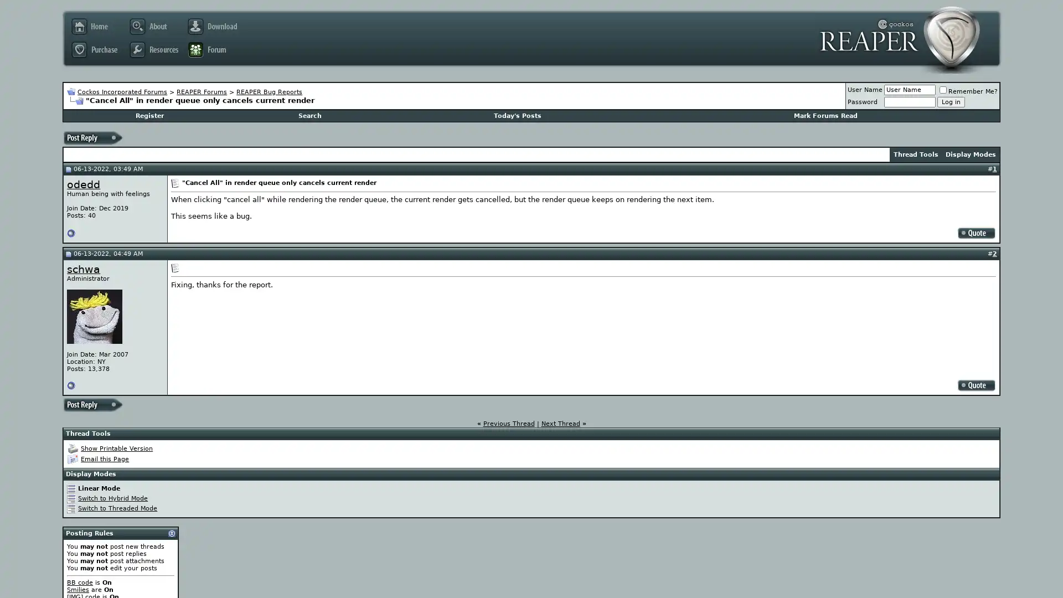  Describe the element at coordinates (950, 102) in the screenshot. I see `Log in` at that location.